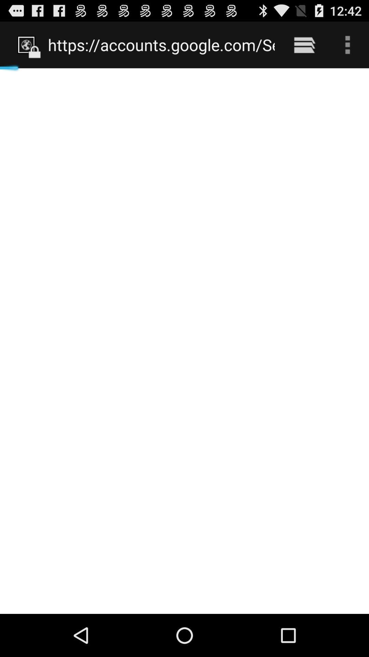 Image resolution: width=369 pixels, height=657 pixels. Describe the element at coordinates (304, 44) in the screenshot. I see `the item to the right of https accounts google item` at that location.